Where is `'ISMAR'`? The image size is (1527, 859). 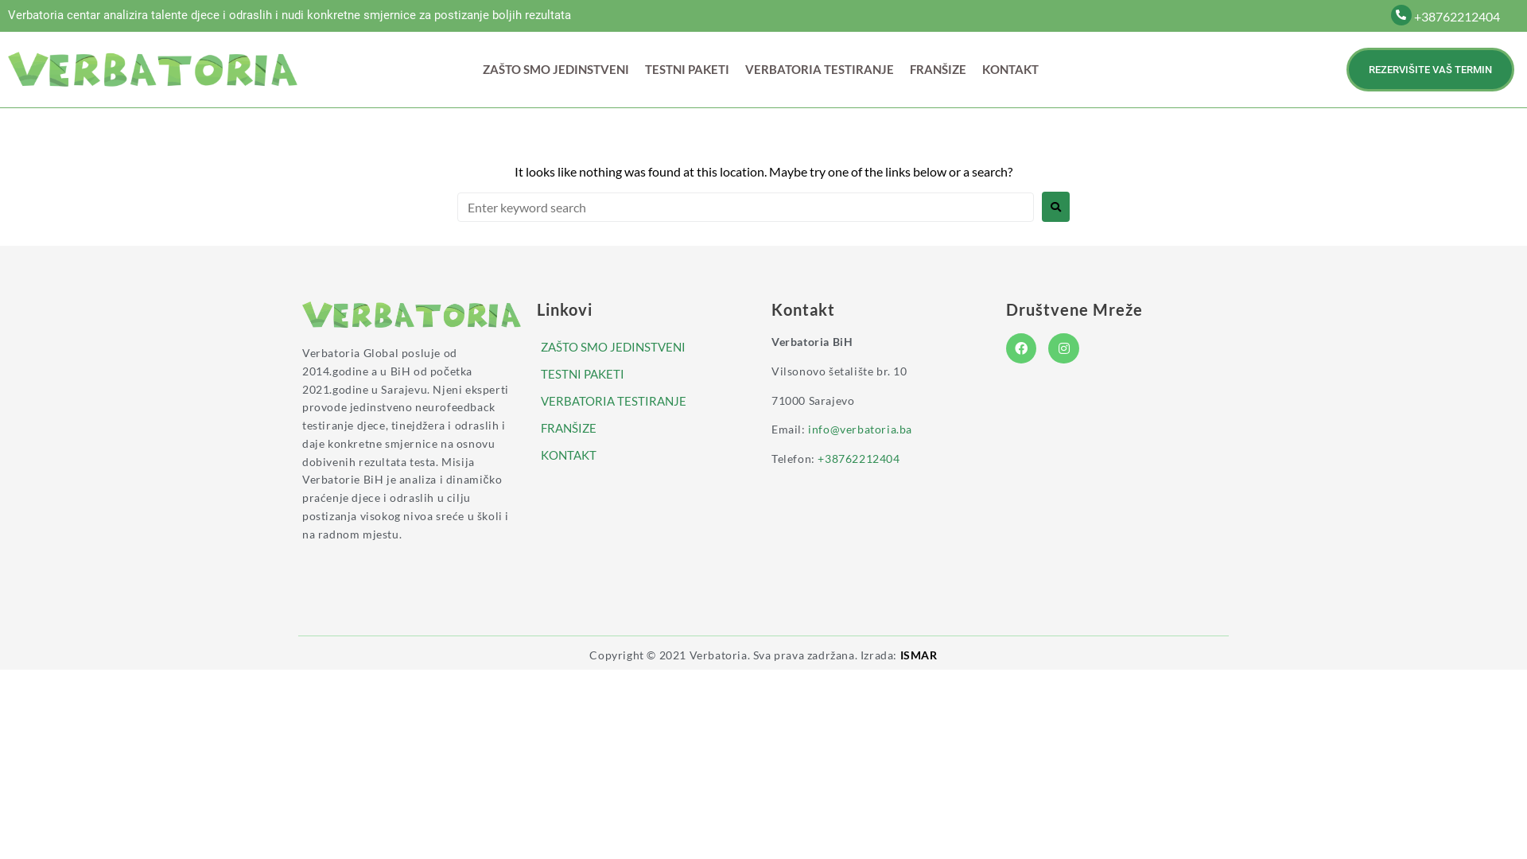 'ISMAR' is located at coordinates (919, 655).